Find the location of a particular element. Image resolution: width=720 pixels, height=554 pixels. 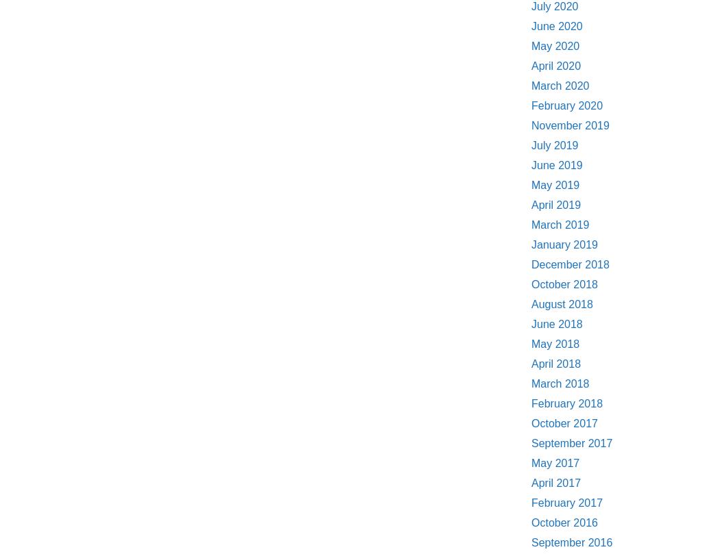

'July 2019' is located at coordinates (554, 144).